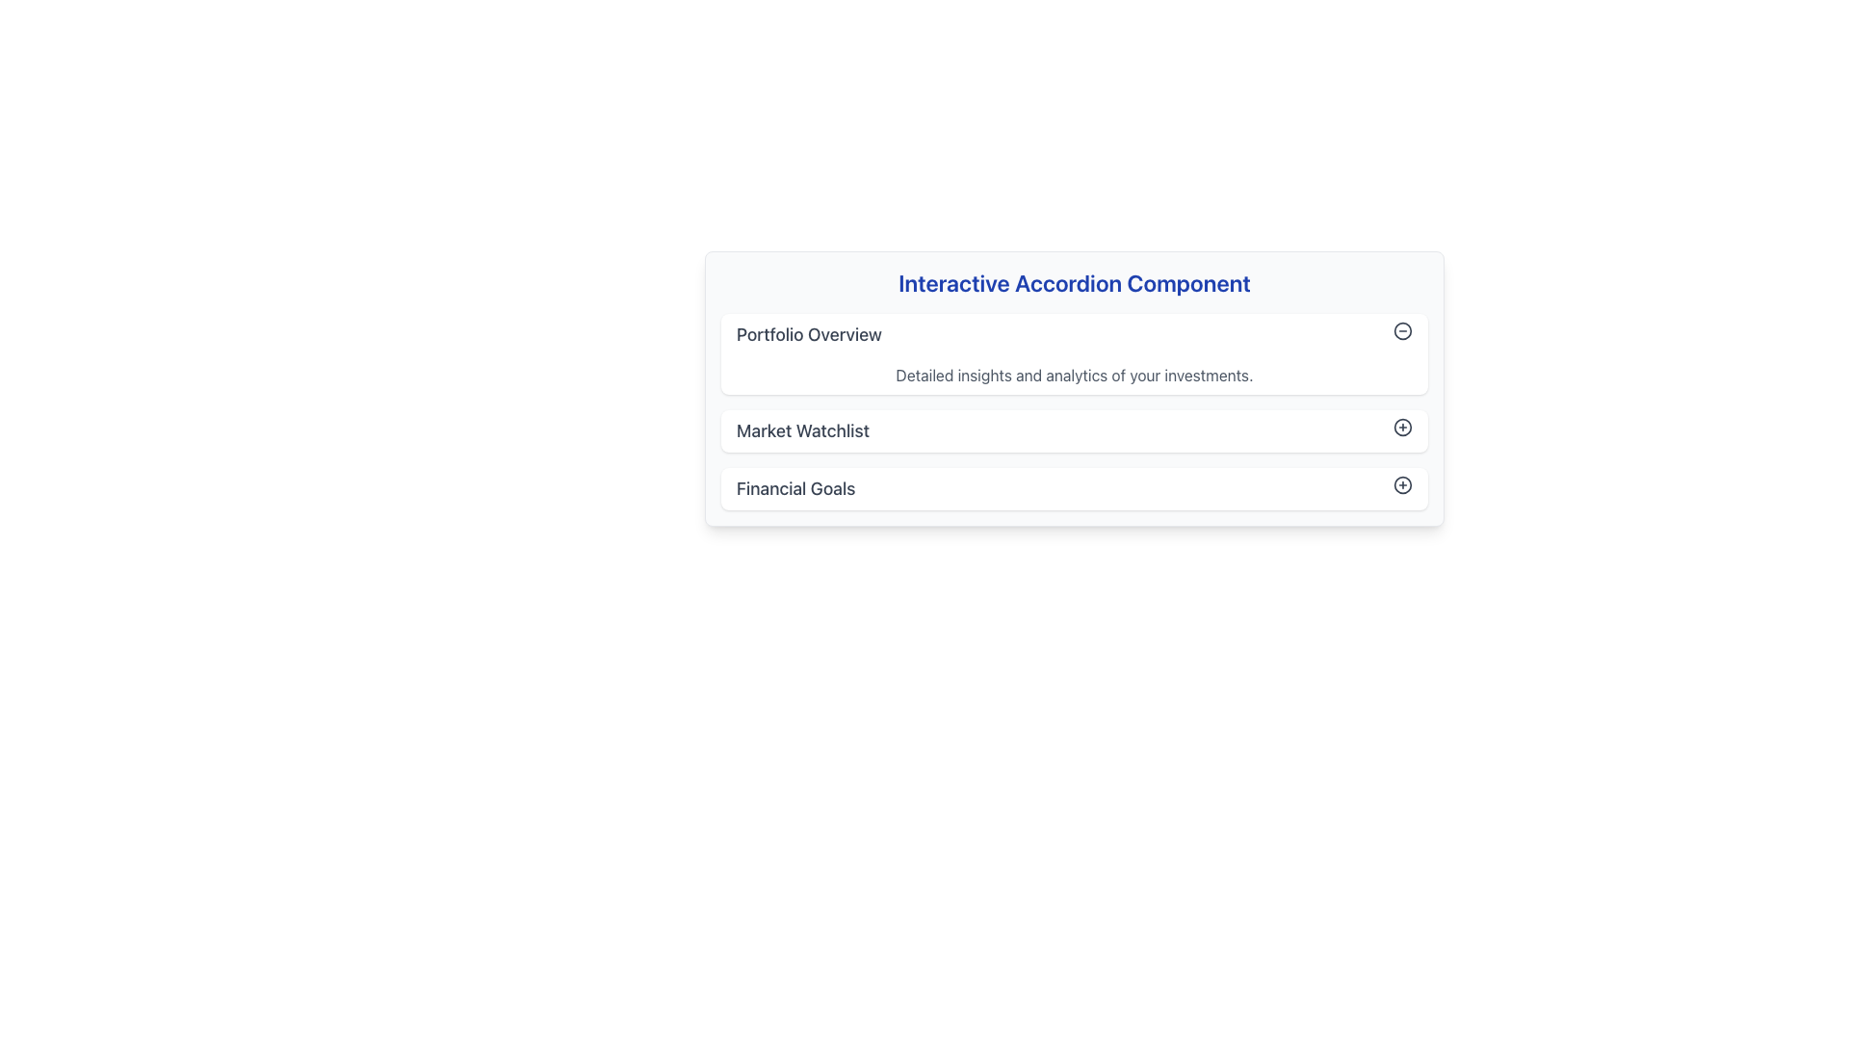 This screenshot has height=1040, width=1849. I want to click on the text element displaying 'Detailed insights and analytics of your investments.' which is located below the 'Portfolio Overview' header in the accordion card widget, so click(1074, 375).